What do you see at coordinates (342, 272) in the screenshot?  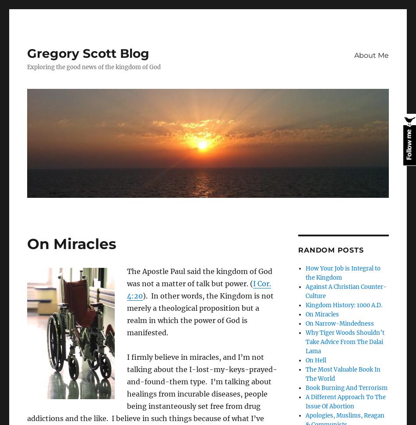 I see `'How Your Job is Integral to the Kingdom'` at bounding box center [342, 272].